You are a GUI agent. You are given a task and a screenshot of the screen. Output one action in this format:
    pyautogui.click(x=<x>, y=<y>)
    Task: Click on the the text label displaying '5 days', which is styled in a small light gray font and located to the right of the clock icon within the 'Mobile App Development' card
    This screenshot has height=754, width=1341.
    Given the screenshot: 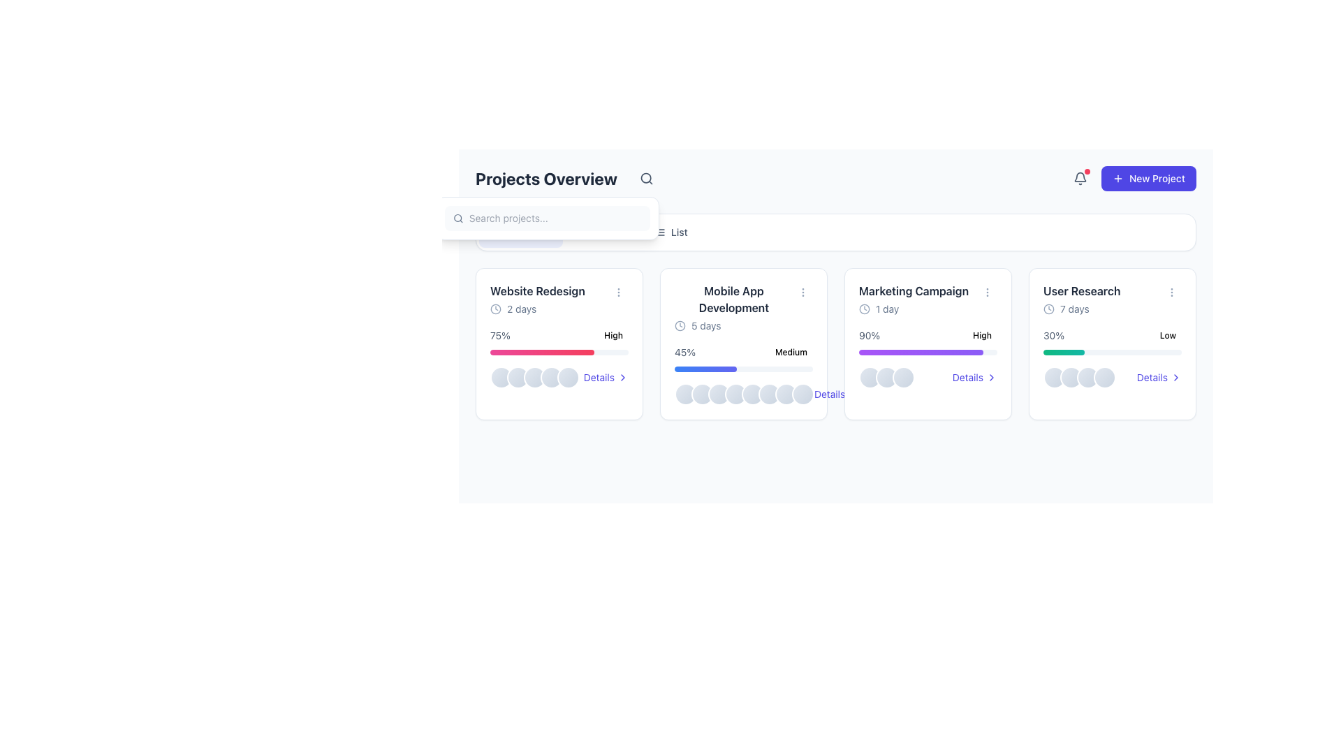 What is the action you would take?
    pyautogui.click(x=706, y=325)
    